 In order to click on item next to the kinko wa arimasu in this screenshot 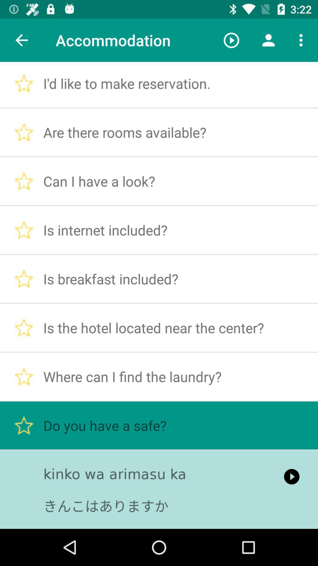, I will do `click(291, 477)`.